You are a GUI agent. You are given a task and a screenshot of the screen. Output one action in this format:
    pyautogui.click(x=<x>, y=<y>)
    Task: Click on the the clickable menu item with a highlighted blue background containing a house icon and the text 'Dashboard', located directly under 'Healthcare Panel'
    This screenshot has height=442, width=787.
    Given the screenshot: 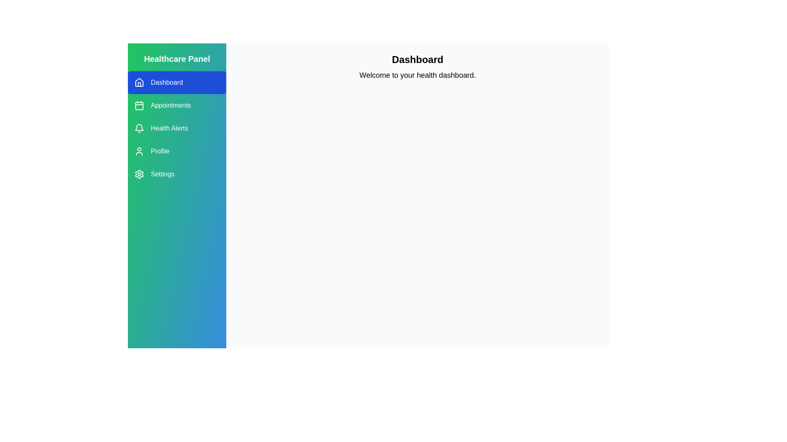 What is the action you would take?
    pyautogui.click(x=177, y=82)
    